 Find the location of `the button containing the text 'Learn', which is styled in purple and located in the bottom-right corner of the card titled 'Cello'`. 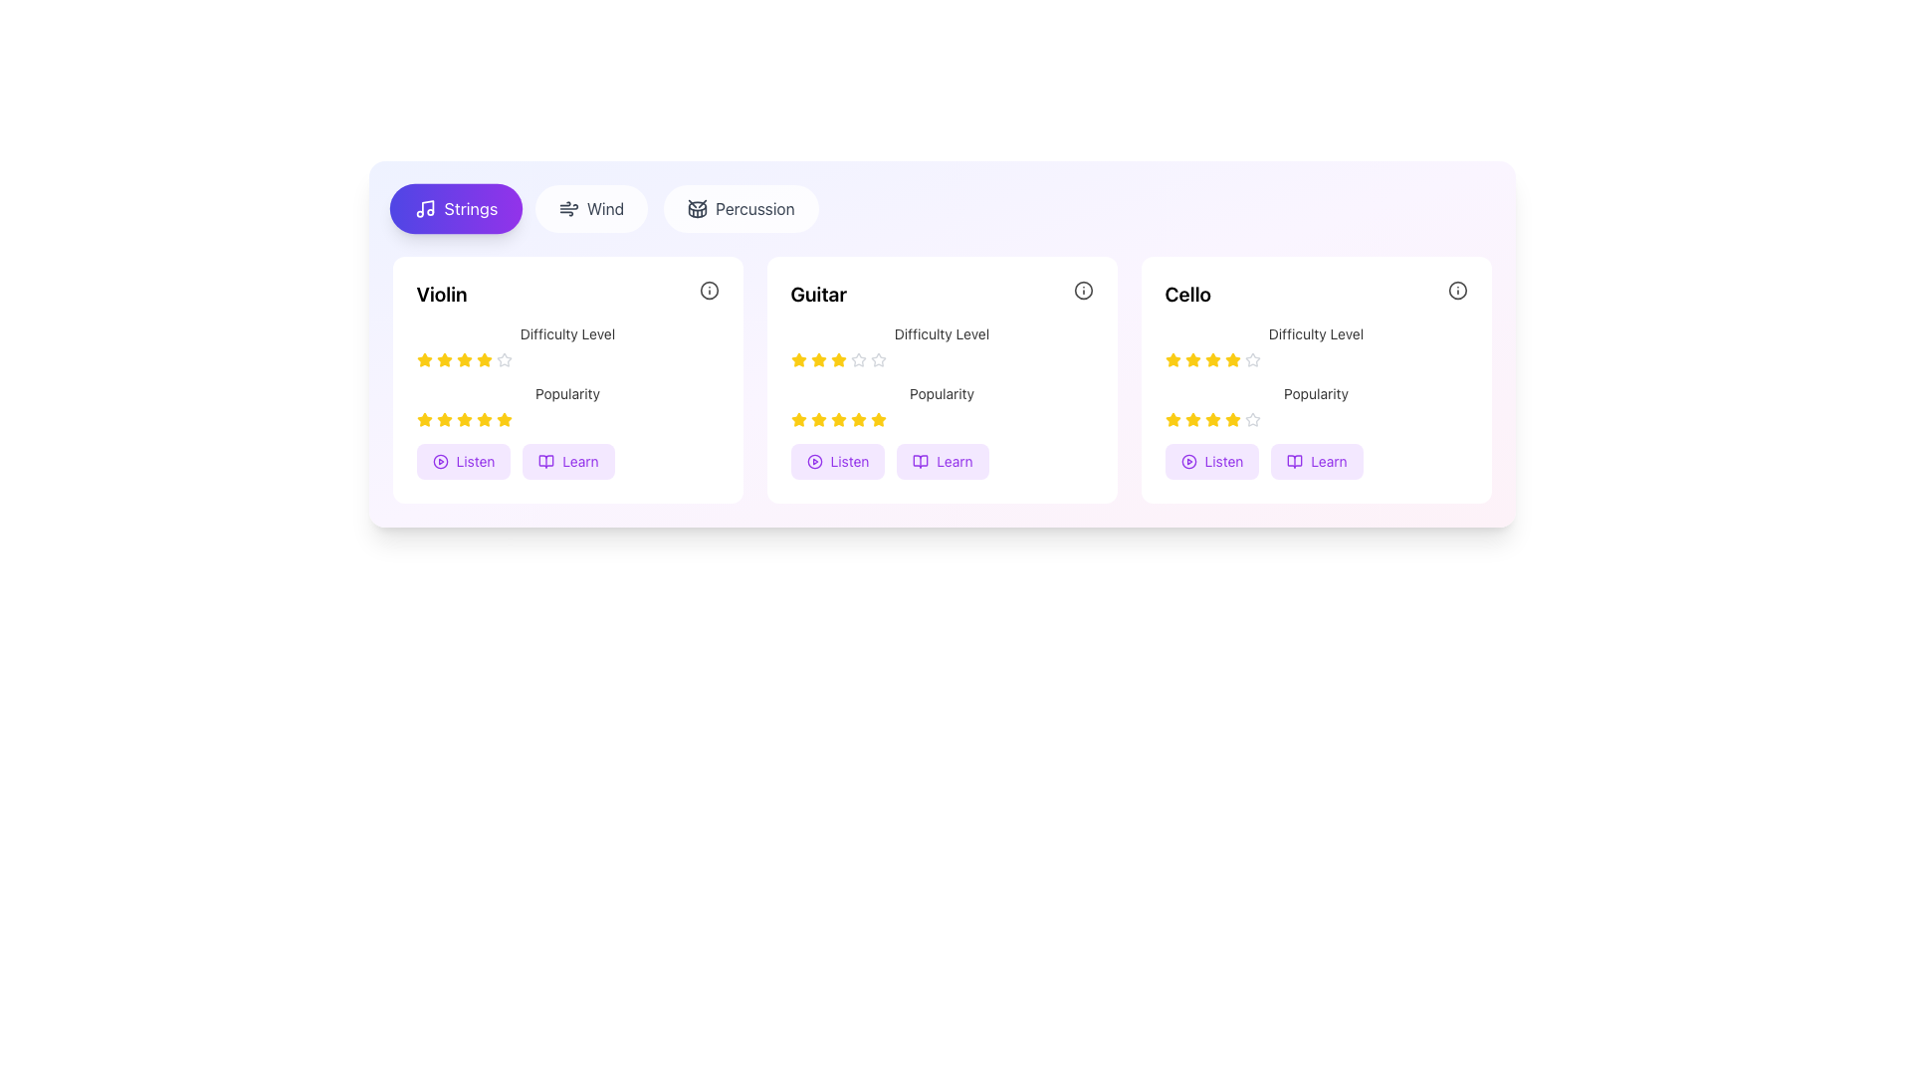

the button containing the text 'Learn', which is styled in purple and located in the bottom-right corner of the card titled 'Cello' is located at coordinates (1329, 461).